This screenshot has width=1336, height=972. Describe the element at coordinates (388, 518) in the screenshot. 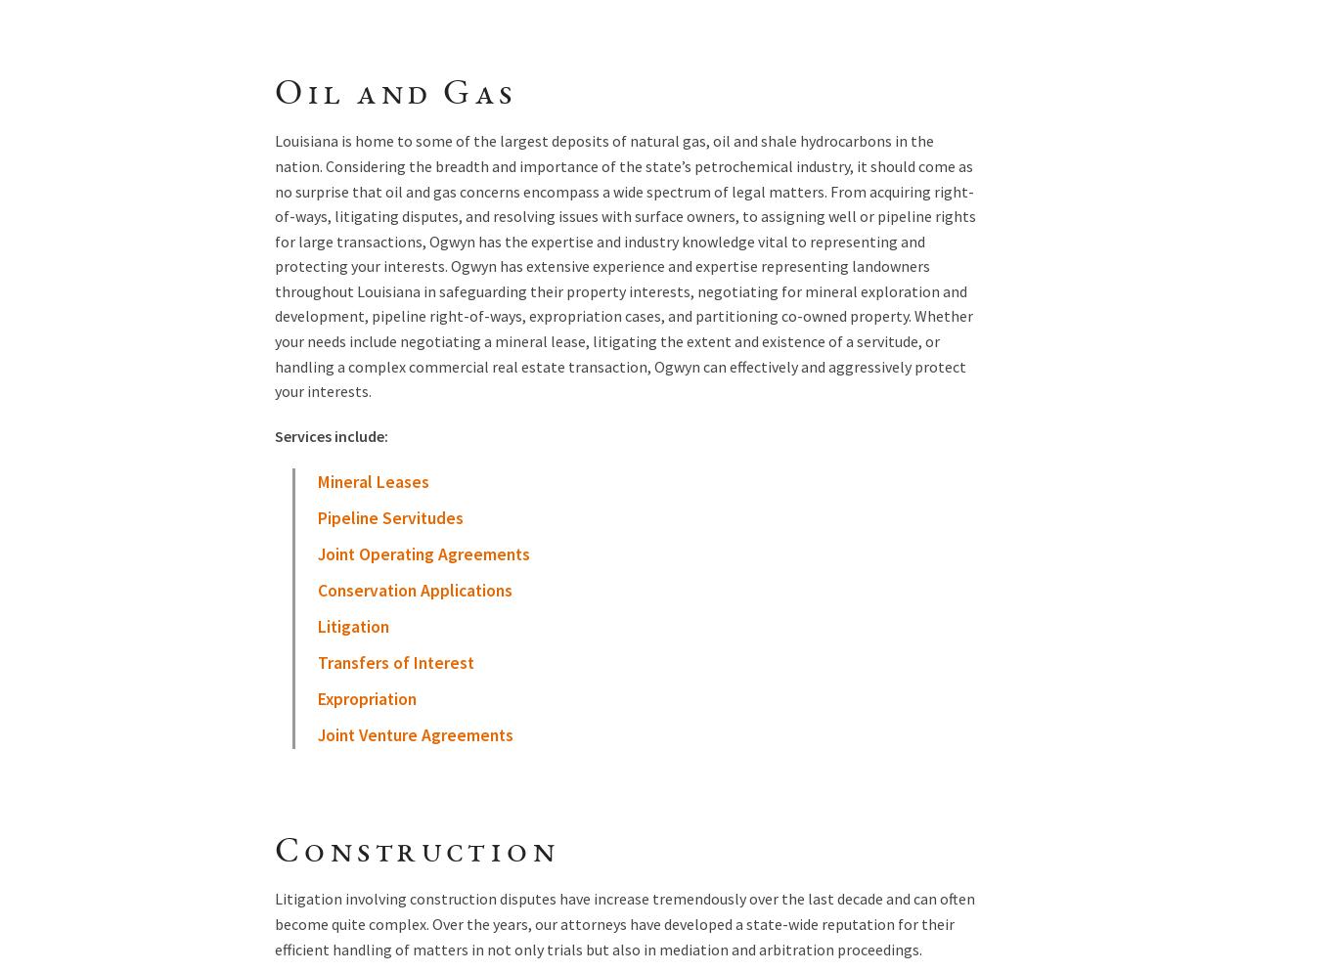

I see `'Pipeline Servitudes'` at that location.